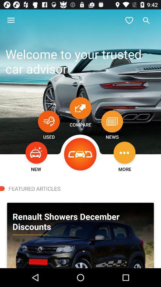 The height and width of the screenshot is (287, 161). Describe the element at coordinates (80, 108) in the screenshot. I see `icon above compare` at that location.